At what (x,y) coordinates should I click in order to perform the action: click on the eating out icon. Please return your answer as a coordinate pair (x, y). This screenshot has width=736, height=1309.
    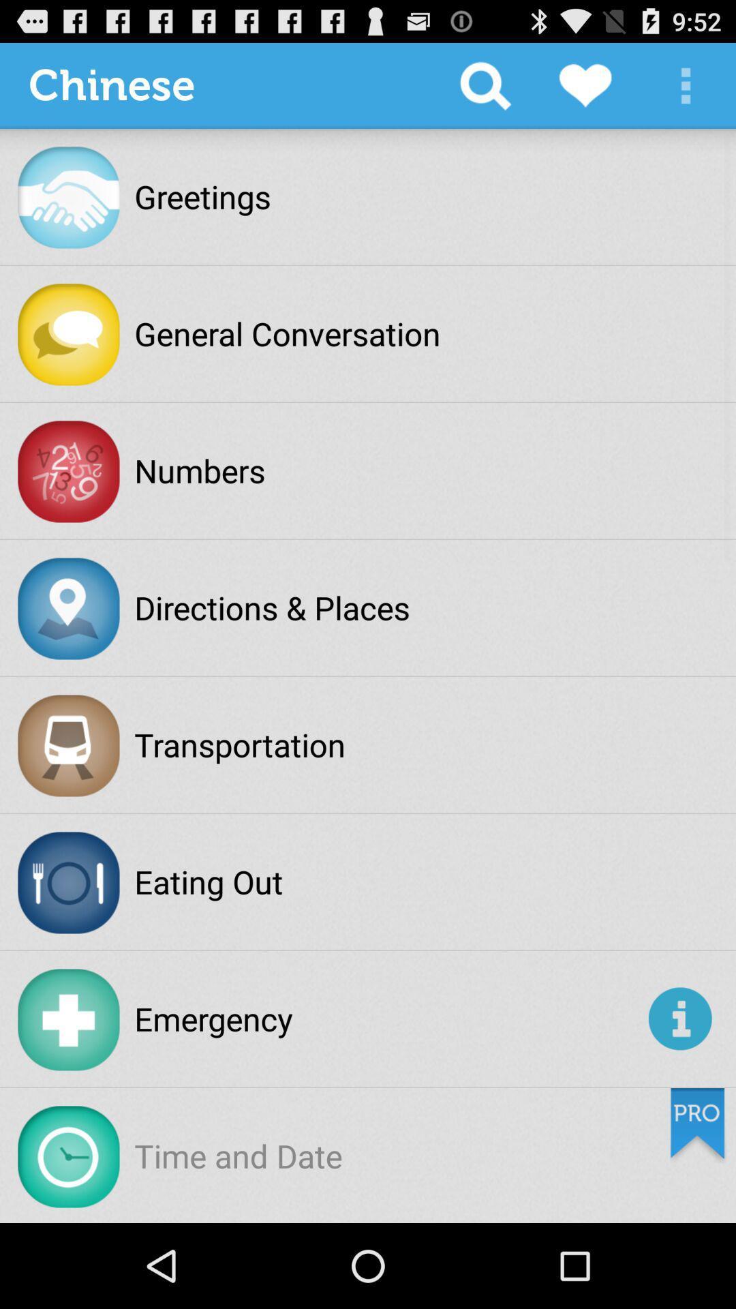
    Looking at the image, I should click on (209, 882).